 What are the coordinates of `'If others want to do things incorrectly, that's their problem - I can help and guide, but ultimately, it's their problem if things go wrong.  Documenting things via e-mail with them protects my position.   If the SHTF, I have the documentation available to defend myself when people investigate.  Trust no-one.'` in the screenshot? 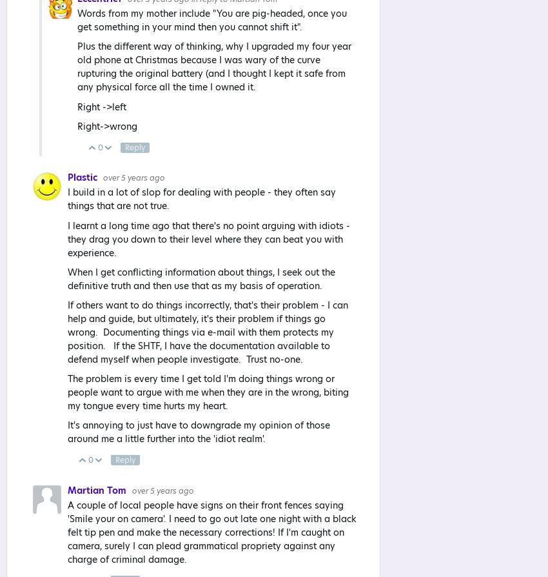 It's located at (208, 332).